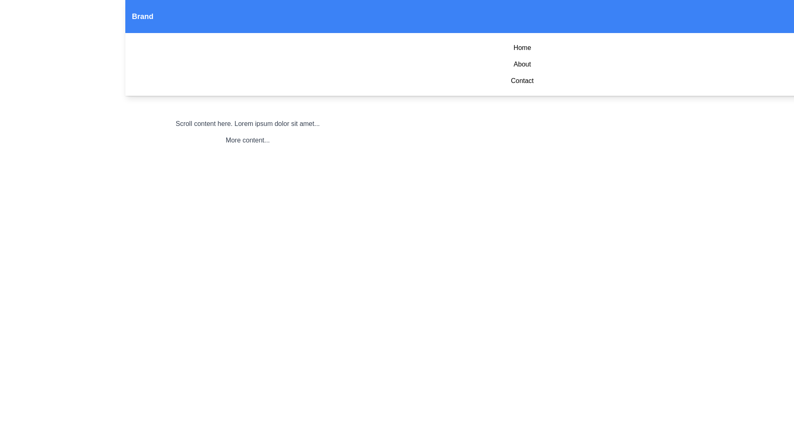 This screenshot has height=446, width=794. Describe the element at coordinates (143, 16) in the screenshot. I see `the decorative text label in the top-left section of the interface, which likely represents the brand or identity of the application` at that location.